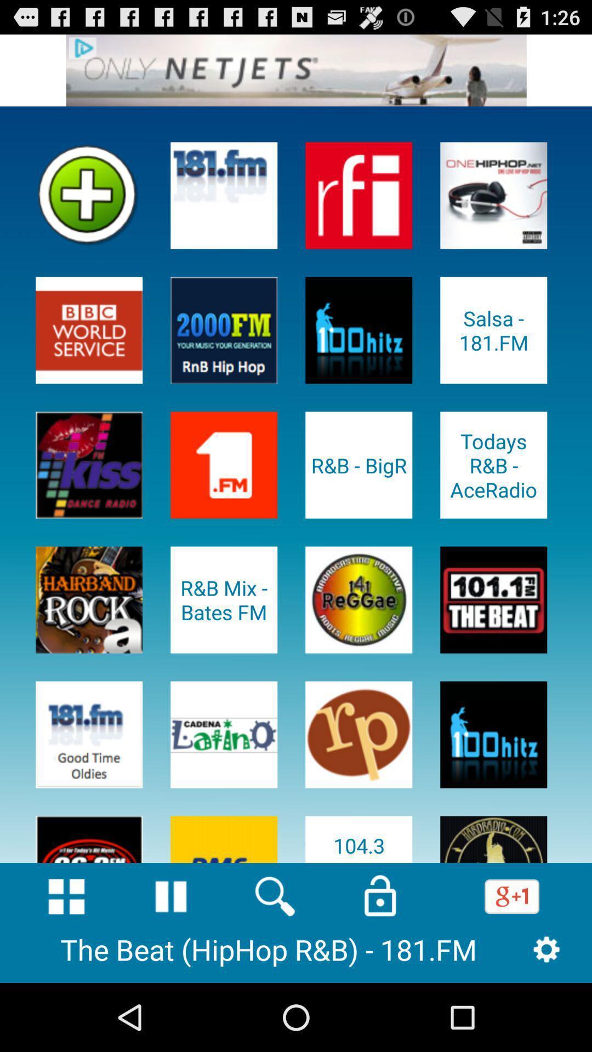 The image size is (592, 1052). What do you see at coordinates (296, 70) in the screenshot?
I see `next` at bounding box center [296, 70].